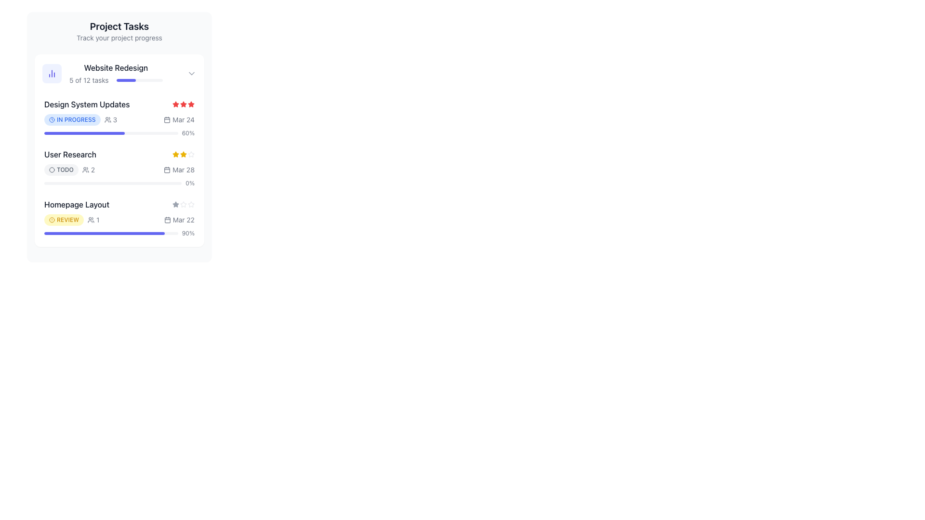 The image size is (925, 520). Describe the element at coordinates (52, 169) in the screenshot. I see `the small hollow circle icon with a gray stroke, located within the 'User Research' task entry badge adjacent to the text 'TODO'` at that location.